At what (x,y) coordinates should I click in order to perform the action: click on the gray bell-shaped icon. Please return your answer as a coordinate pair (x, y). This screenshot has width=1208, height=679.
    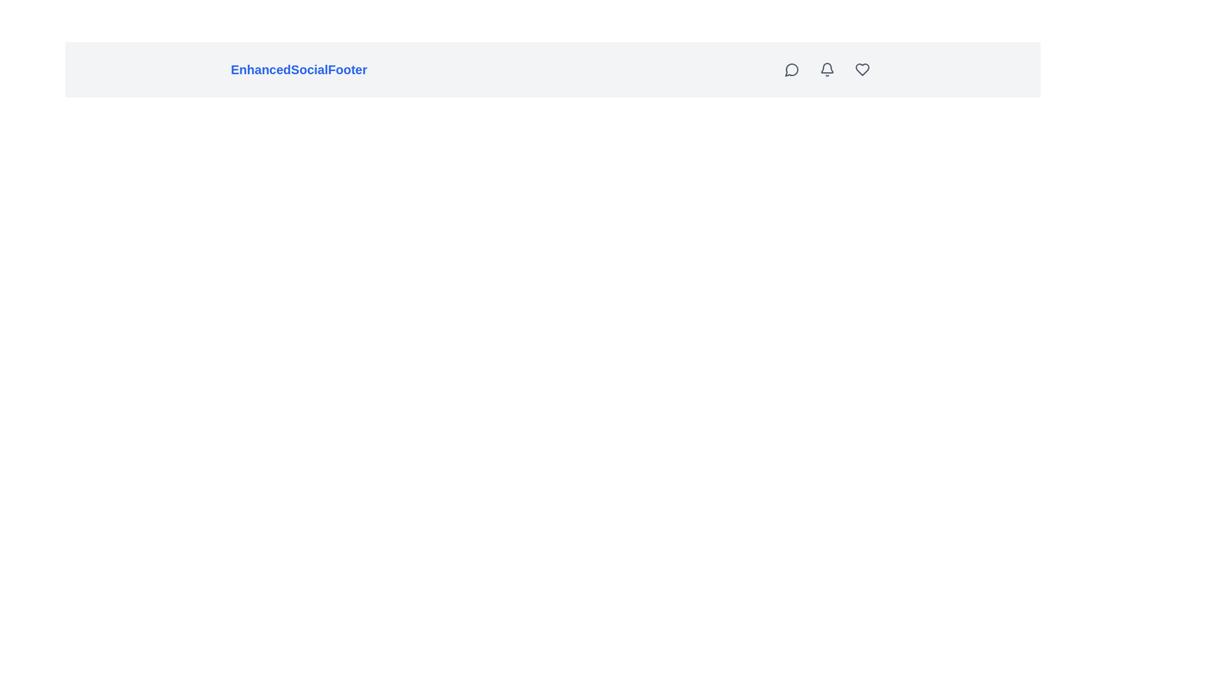
    Looking at the image, I should click on (827, 70).